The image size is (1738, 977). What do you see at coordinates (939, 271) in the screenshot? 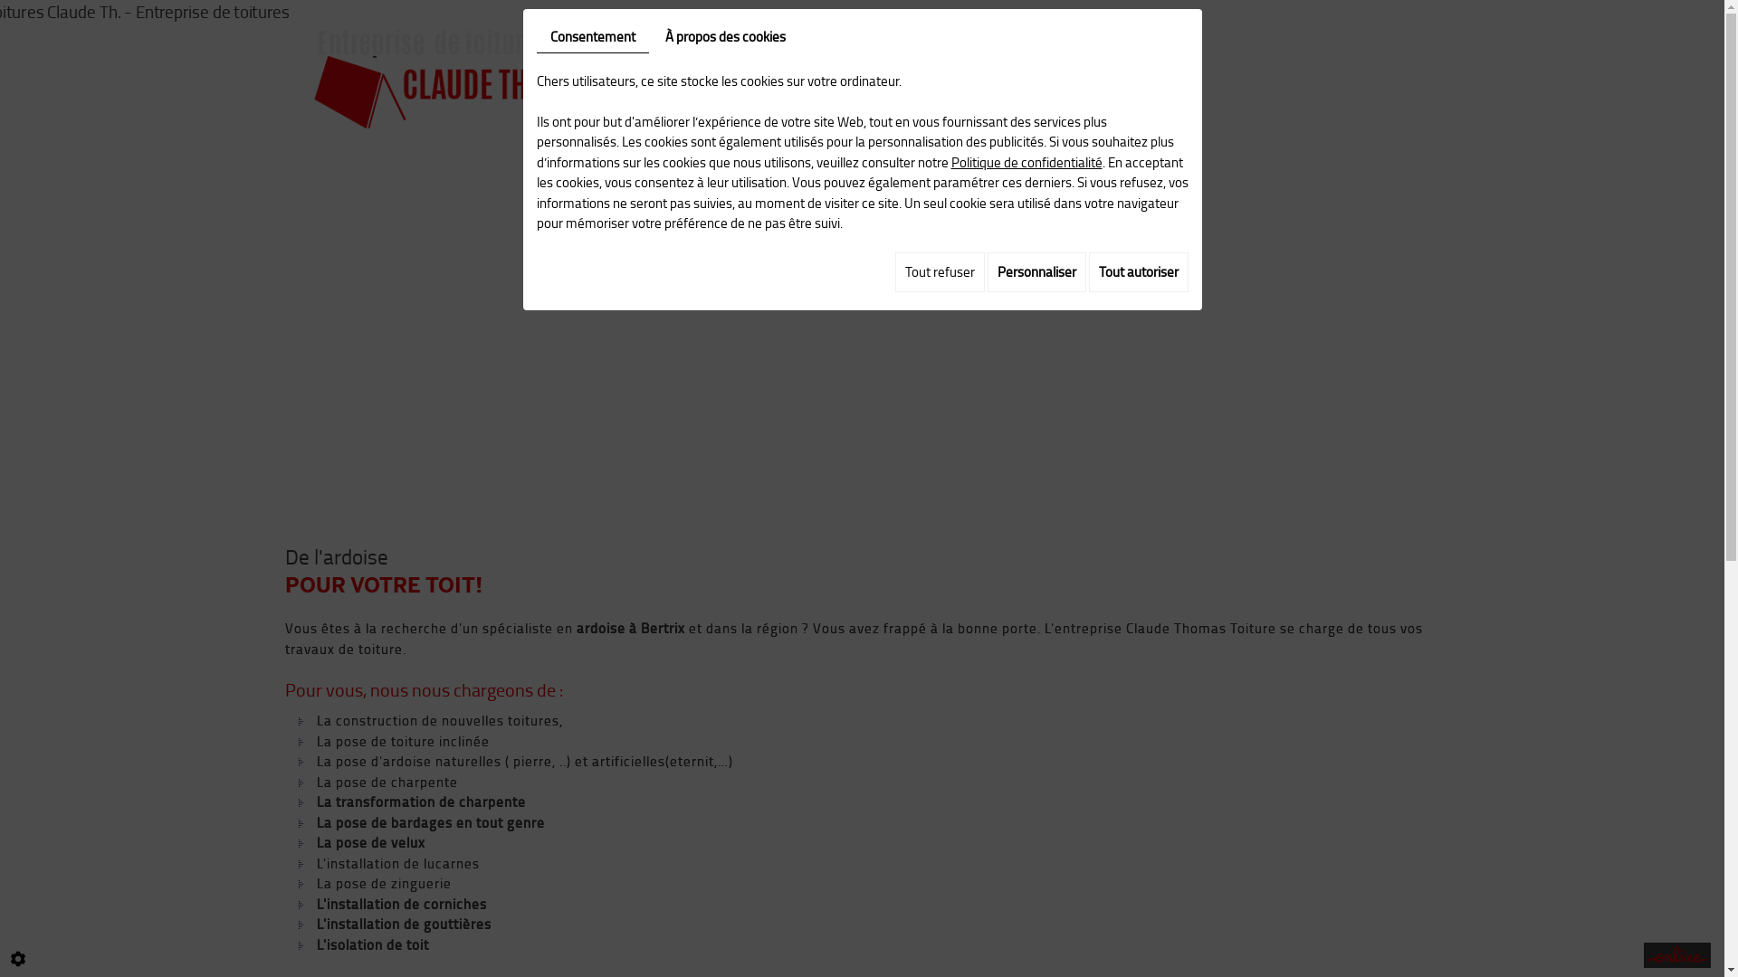
I see `'Tout refuser'` at bounding box center [939, 271].